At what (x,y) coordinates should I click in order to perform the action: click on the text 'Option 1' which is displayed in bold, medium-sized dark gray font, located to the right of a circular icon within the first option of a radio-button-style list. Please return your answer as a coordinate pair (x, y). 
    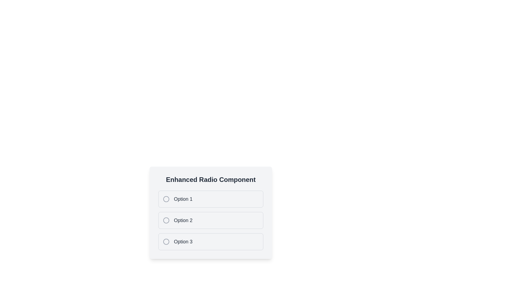
    Looking at the image, I should click on (183, 199).